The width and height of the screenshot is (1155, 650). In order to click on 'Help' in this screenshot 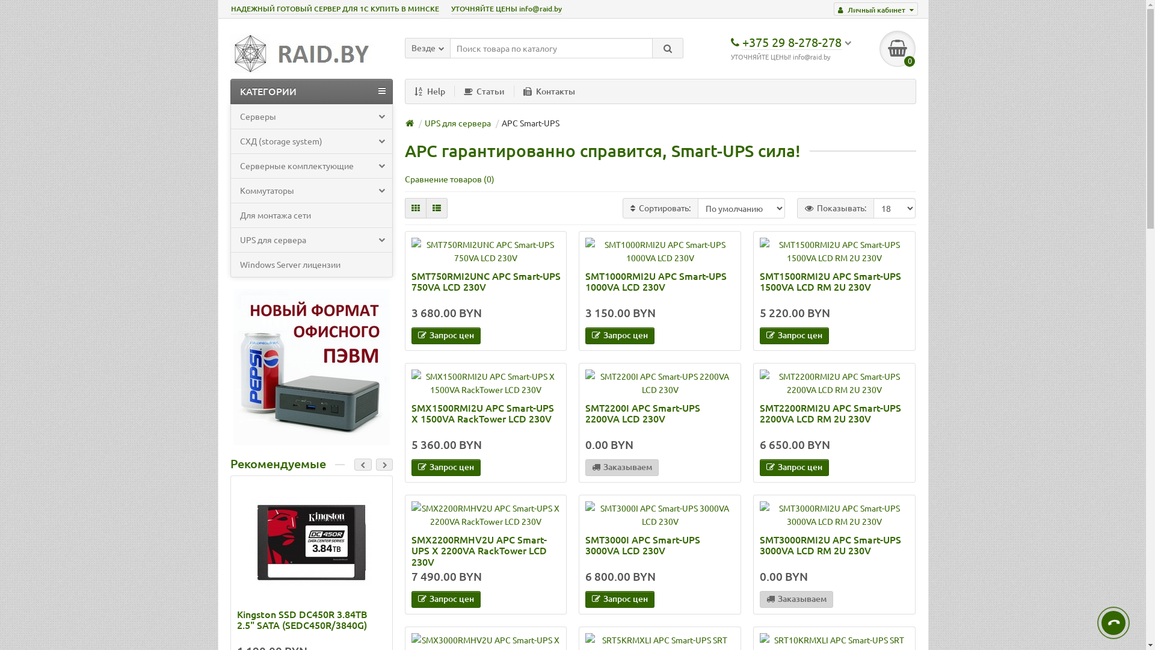, I will do `click(430, 90)`.